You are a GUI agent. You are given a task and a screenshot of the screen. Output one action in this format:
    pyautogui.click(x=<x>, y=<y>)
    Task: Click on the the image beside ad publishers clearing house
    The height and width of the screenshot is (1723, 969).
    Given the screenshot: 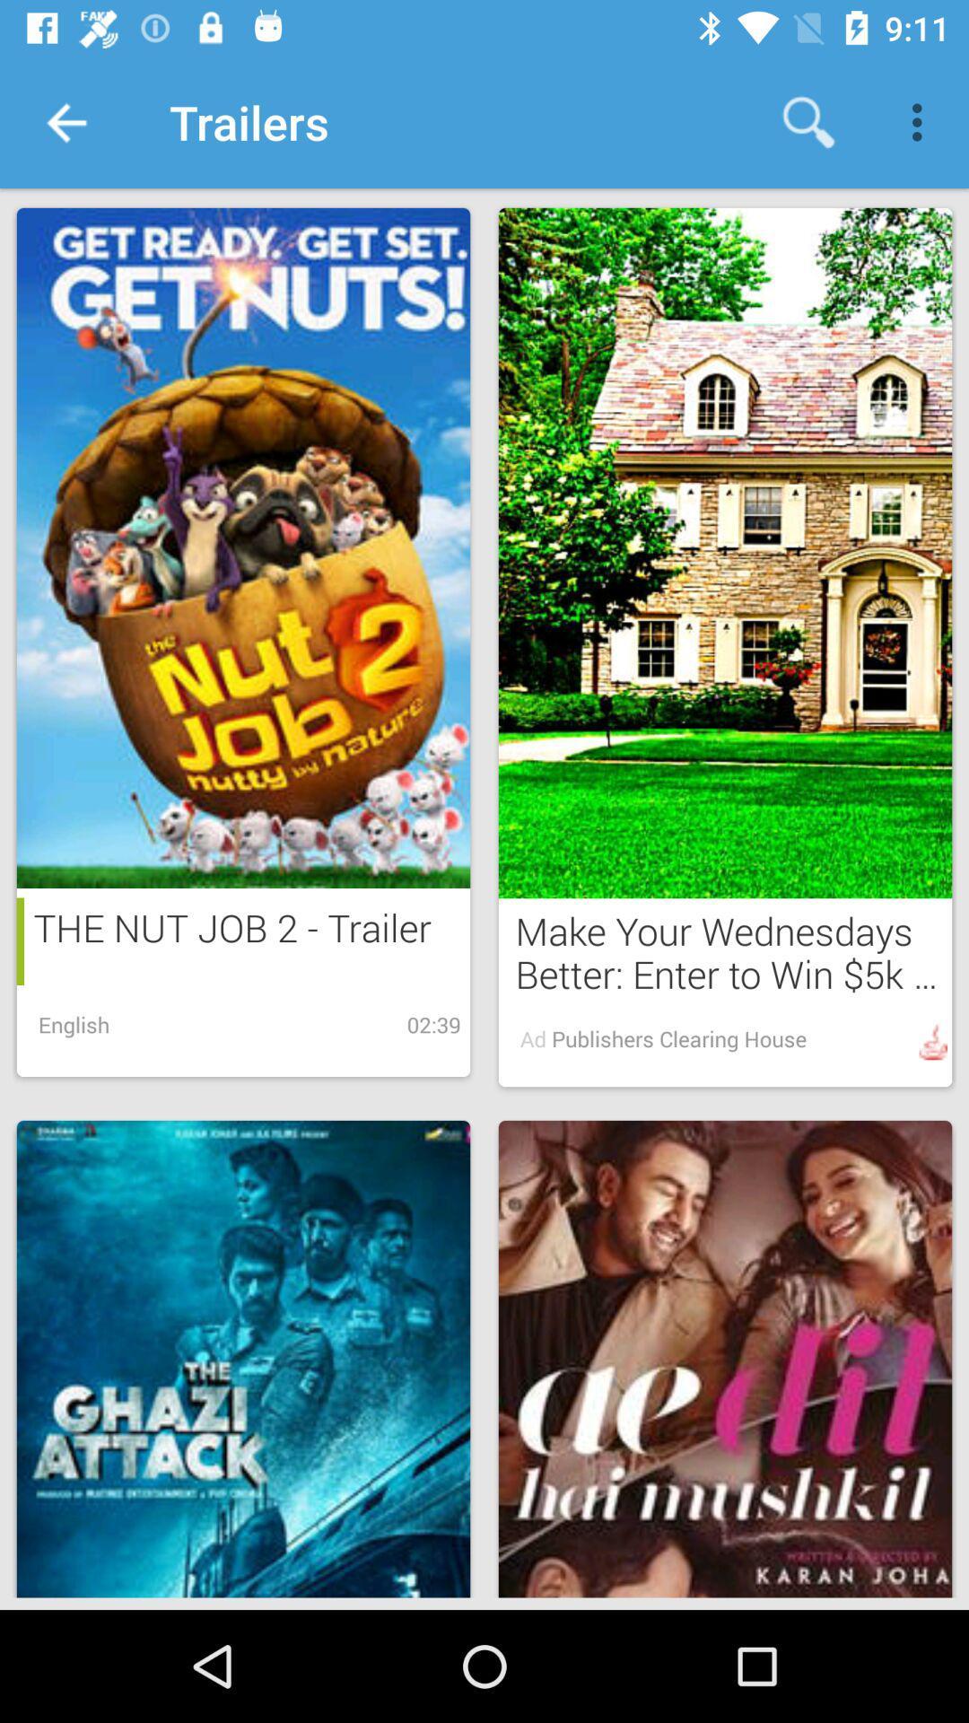 What is the action you would take?
    pyautogui.click(x=932, y=1042)
    